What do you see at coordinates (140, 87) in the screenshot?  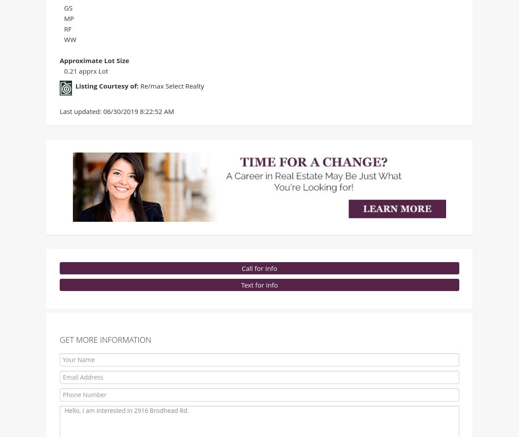 I see `'Re/max Select Realty'` at bounding box center [140, 87].